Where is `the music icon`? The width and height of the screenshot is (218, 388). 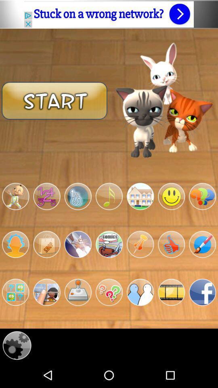
the music icon is located at coordinates (109, 210).